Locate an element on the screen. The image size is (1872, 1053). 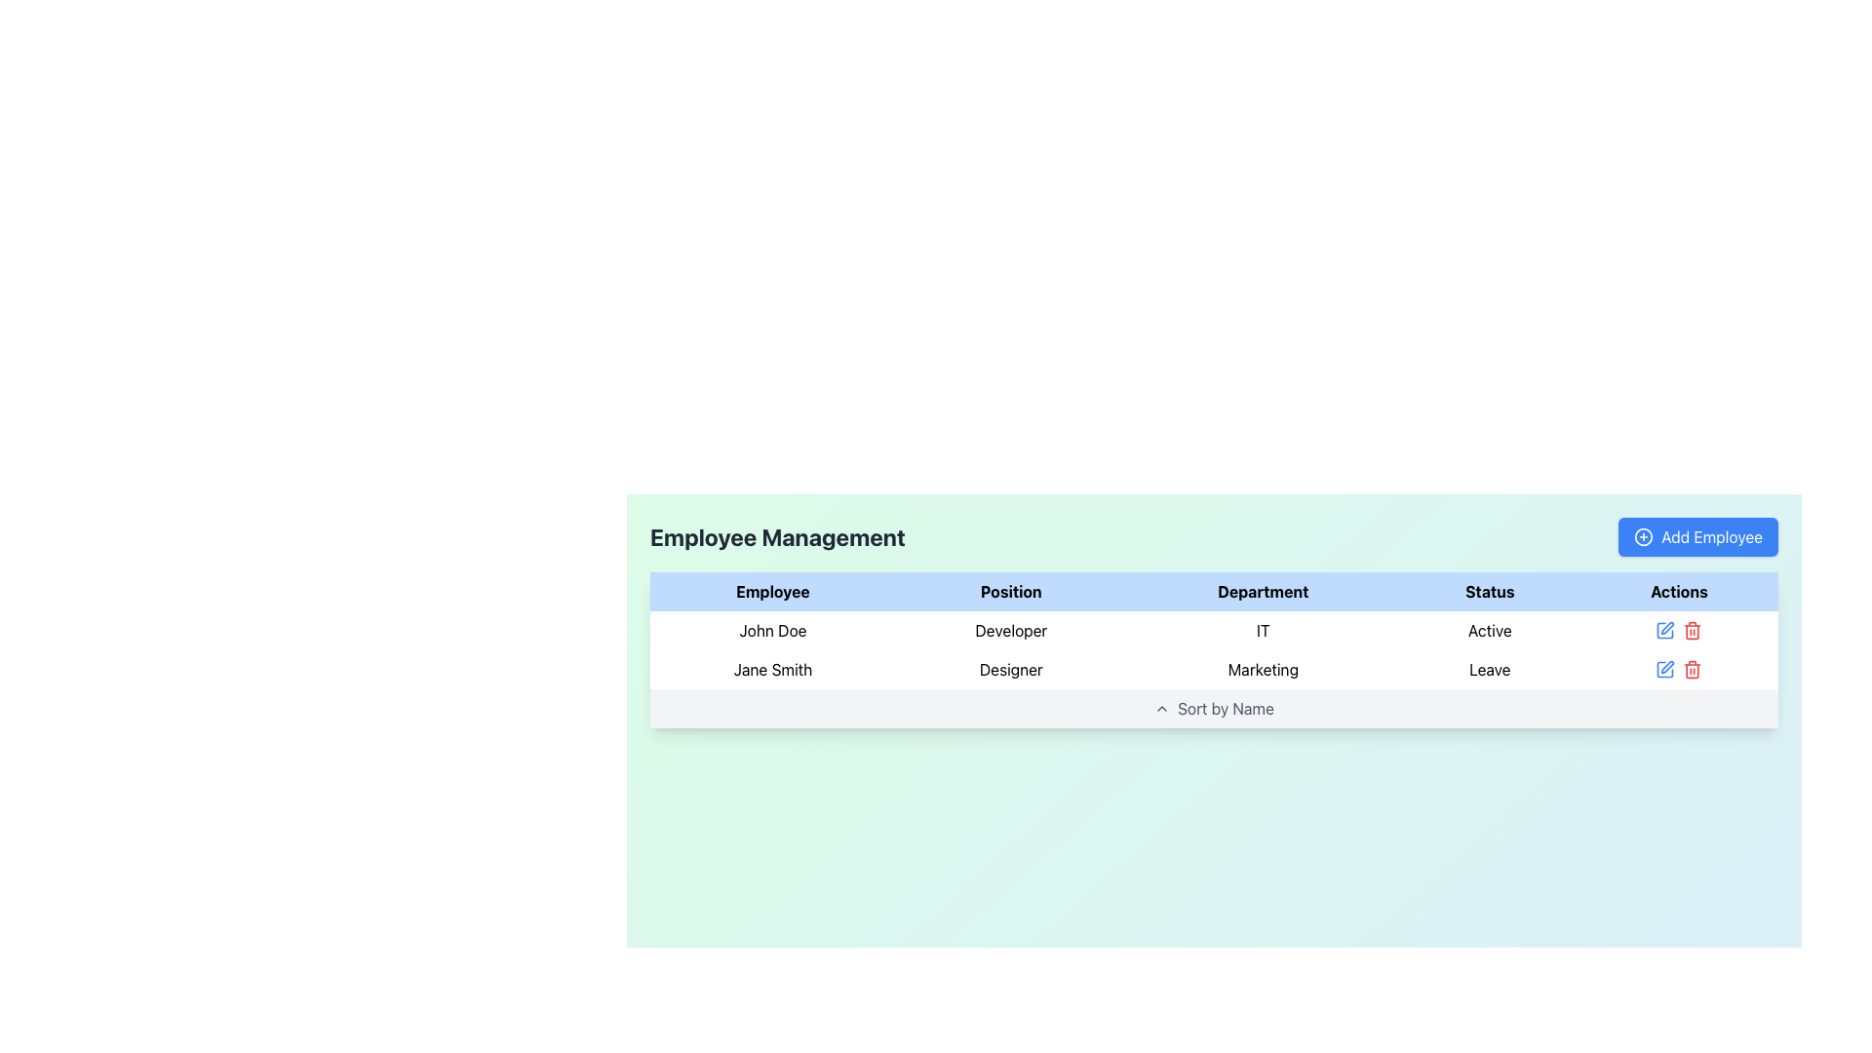
the delete button in the actions column of the employee table for the record of 'Jane Smith' is located at coordinates (1692, 631).